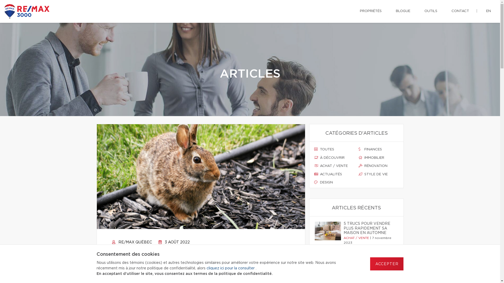 The height and width of the screenshot is (283, 504). I want to click on 'DESIGN', so click(334, 182).